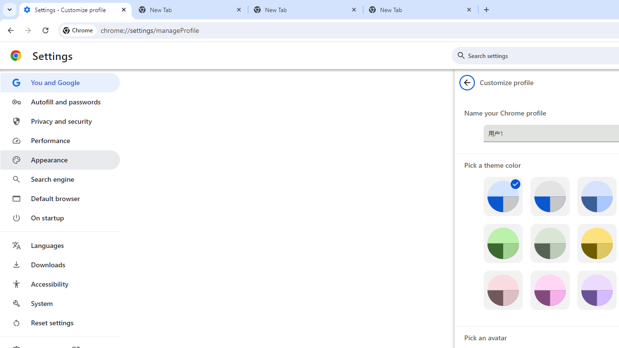  Describe the element at coordinates (59, 101) in the screenshot. I see `'Autofill and passwords'` at that location.